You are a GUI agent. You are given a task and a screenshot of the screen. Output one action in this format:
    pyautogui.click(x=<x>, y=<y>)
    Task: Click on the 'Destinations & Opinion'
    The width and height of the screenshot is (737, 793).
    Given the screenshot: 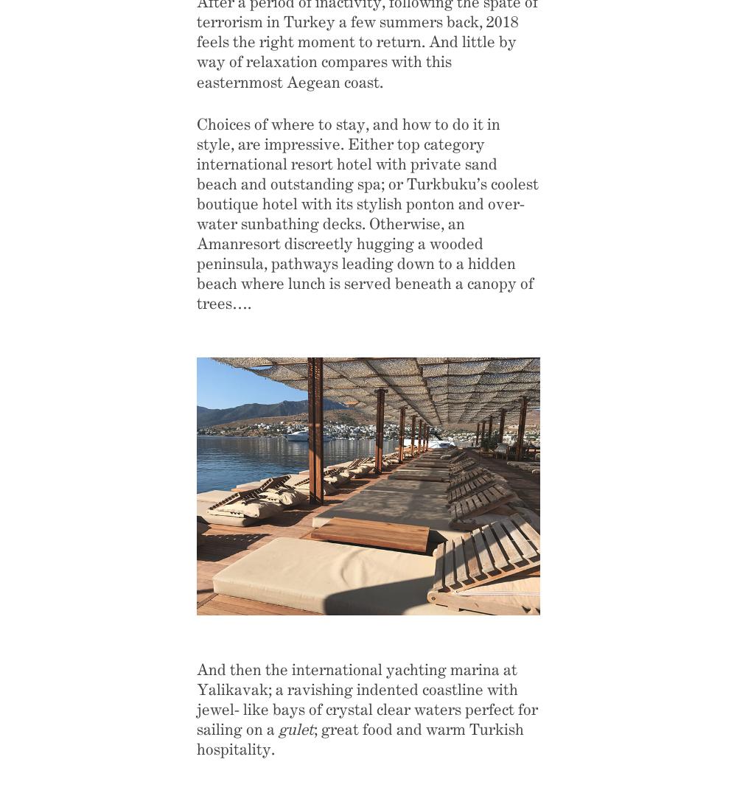 What is the action you would take?
    pyautogui.click(x=188, y=183)
    